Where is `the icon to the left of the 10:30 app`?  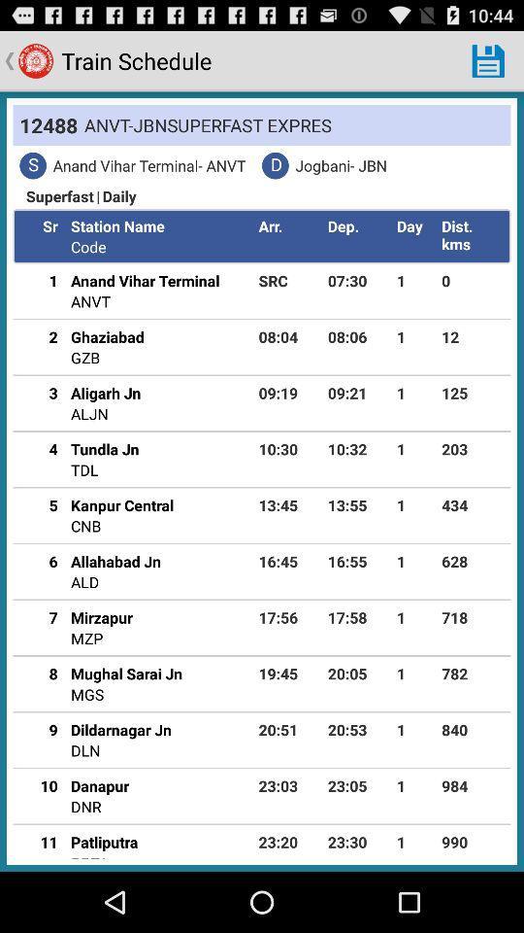 the icon to the left of the 10:30 app is located at coordinates (83, 468).